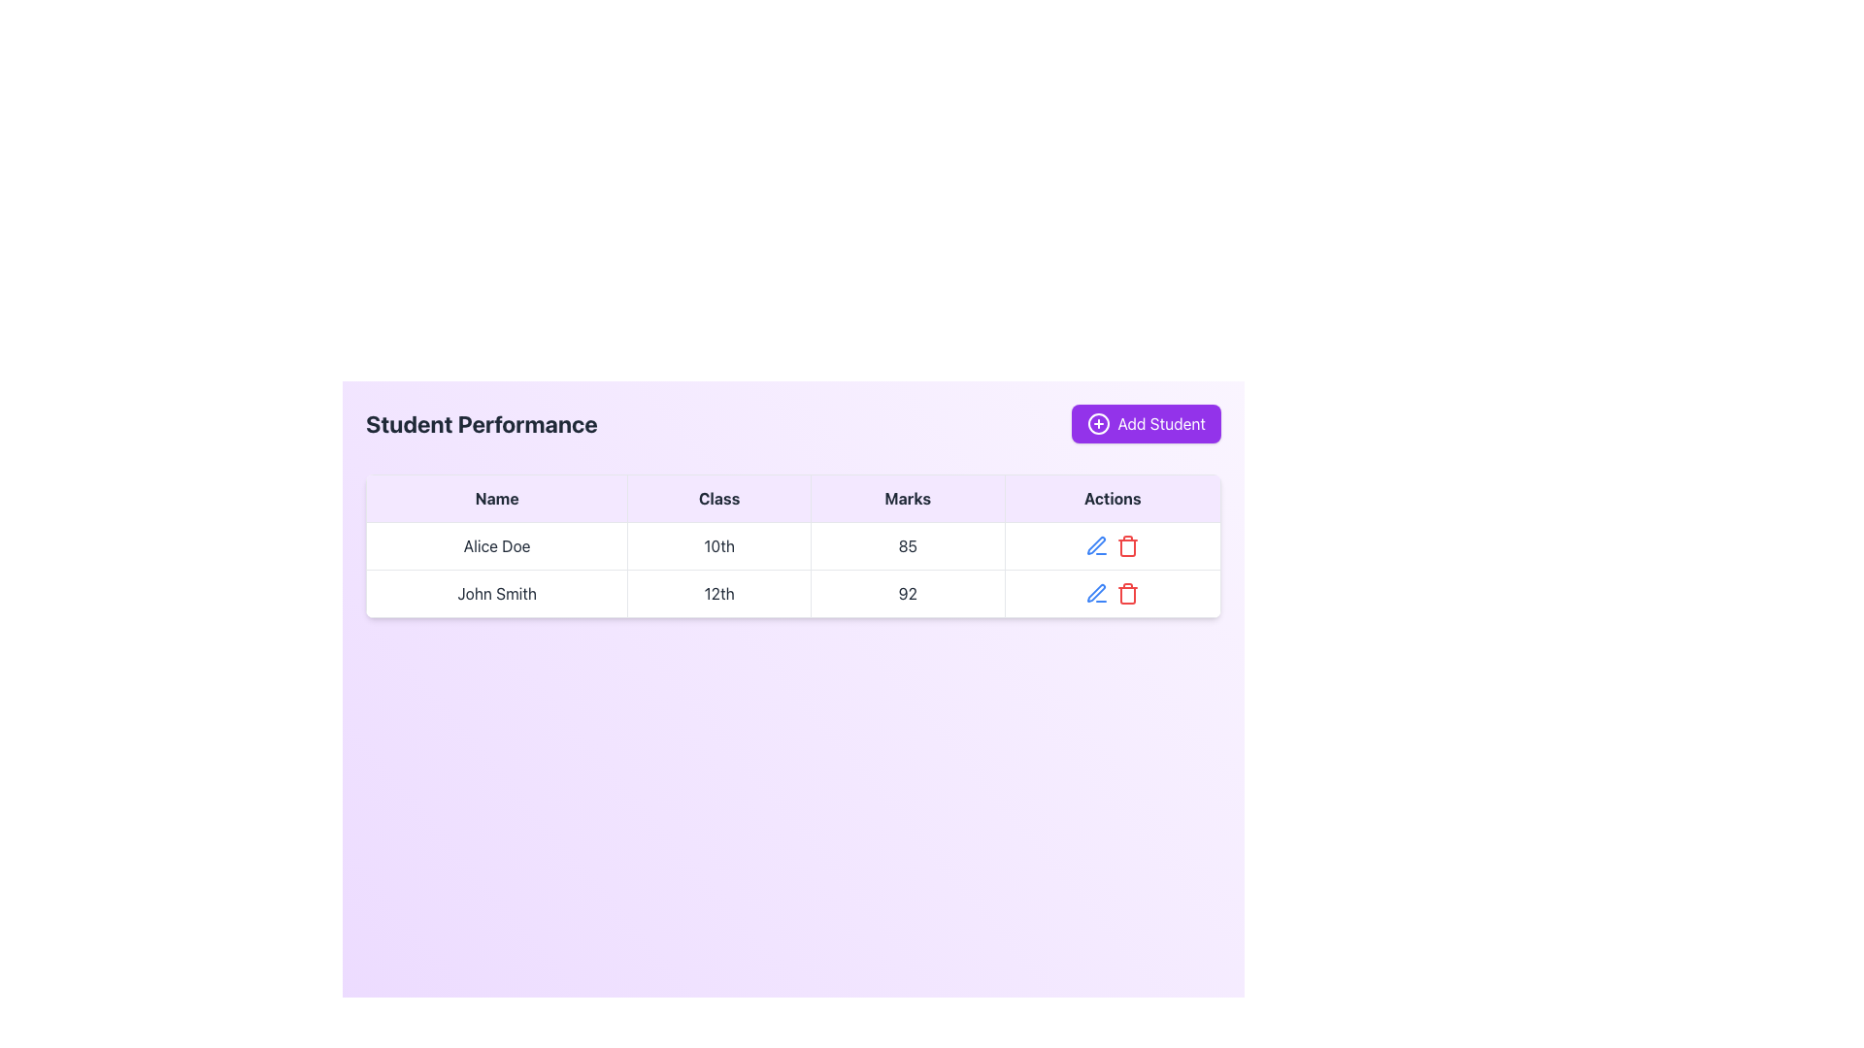  Describe the element at coordinates (718, 593) in the screenshot. I see `the text cell displaying the grade level '12th' for student 'John Smith'` at that location.